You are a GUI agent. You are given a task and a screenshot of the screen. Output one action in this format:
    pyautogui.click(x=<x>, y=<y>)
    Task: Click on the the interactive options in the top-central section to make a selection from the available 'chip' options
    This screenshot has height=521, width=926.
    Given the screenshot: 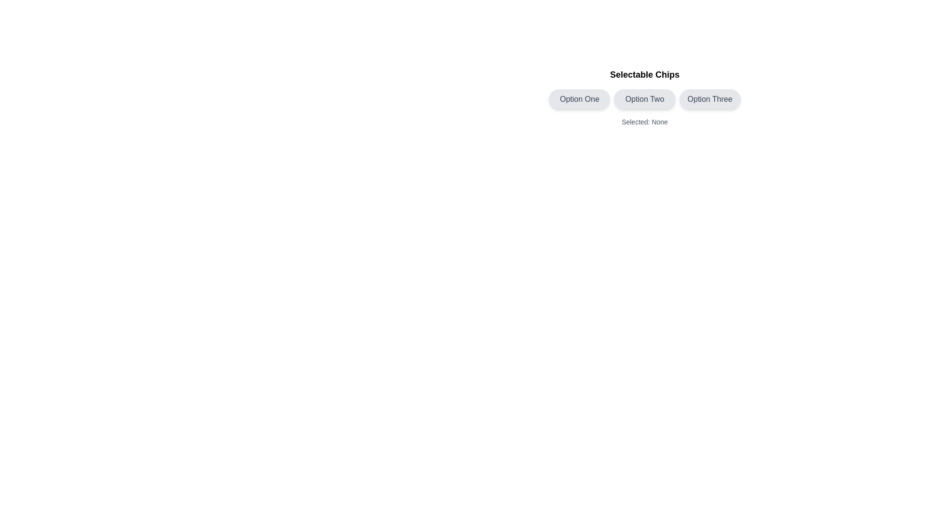 What is the action you would take?
    pyautogui.click(x=645, y=97)
    